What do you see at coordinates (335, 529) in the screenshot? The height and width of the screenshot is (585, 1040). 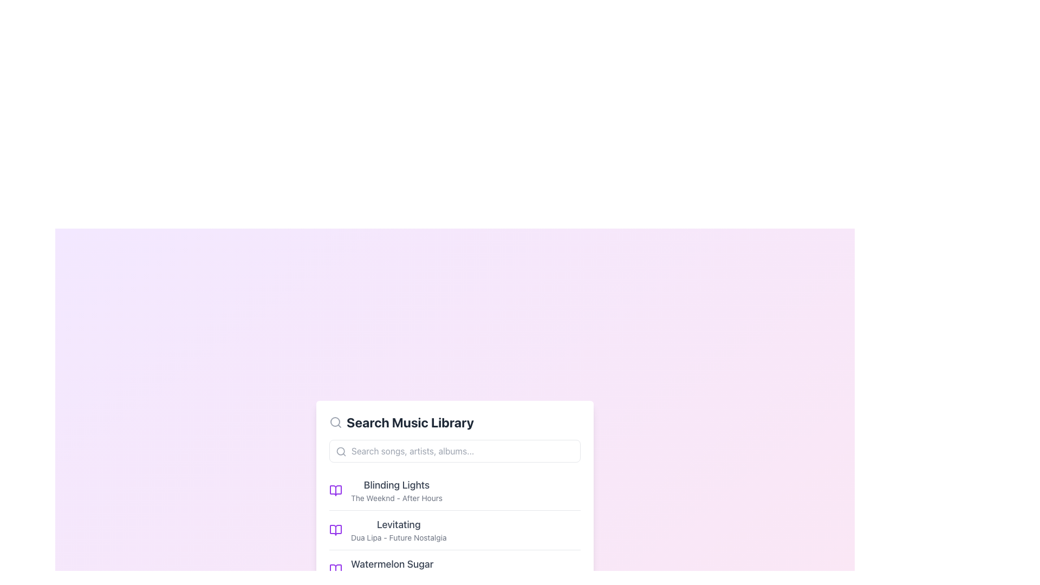 I see `the music category icon located in the second row of the music items list, which is the first visual element in that row` at bounding box center [335, 529].